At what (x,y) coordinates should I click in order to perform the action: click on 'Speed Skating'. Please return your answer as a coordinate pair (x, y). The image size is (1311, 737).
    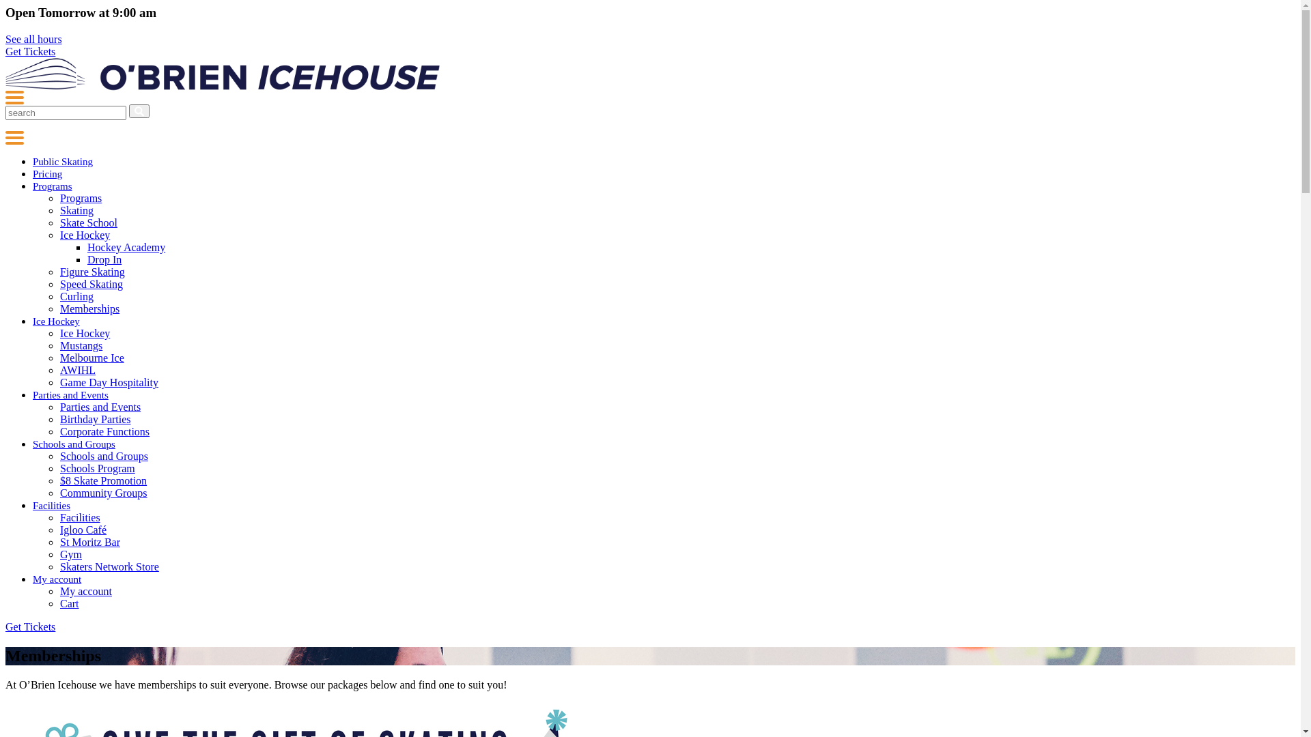
    Looking at the image, I should click on (91, 283).